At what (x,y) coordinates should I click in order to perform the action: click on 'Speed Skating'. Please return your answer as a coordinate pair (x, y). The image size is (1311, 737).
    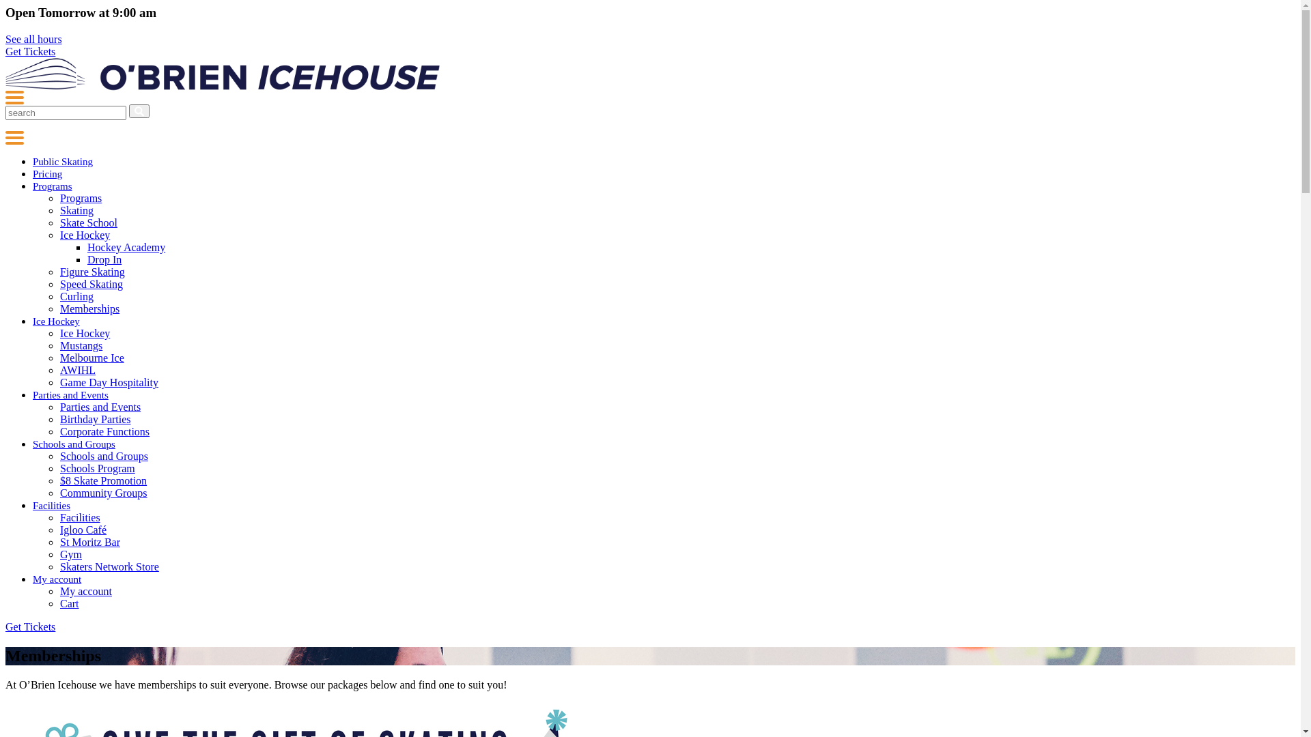
    Looking at the image, I should click on (91, 283).